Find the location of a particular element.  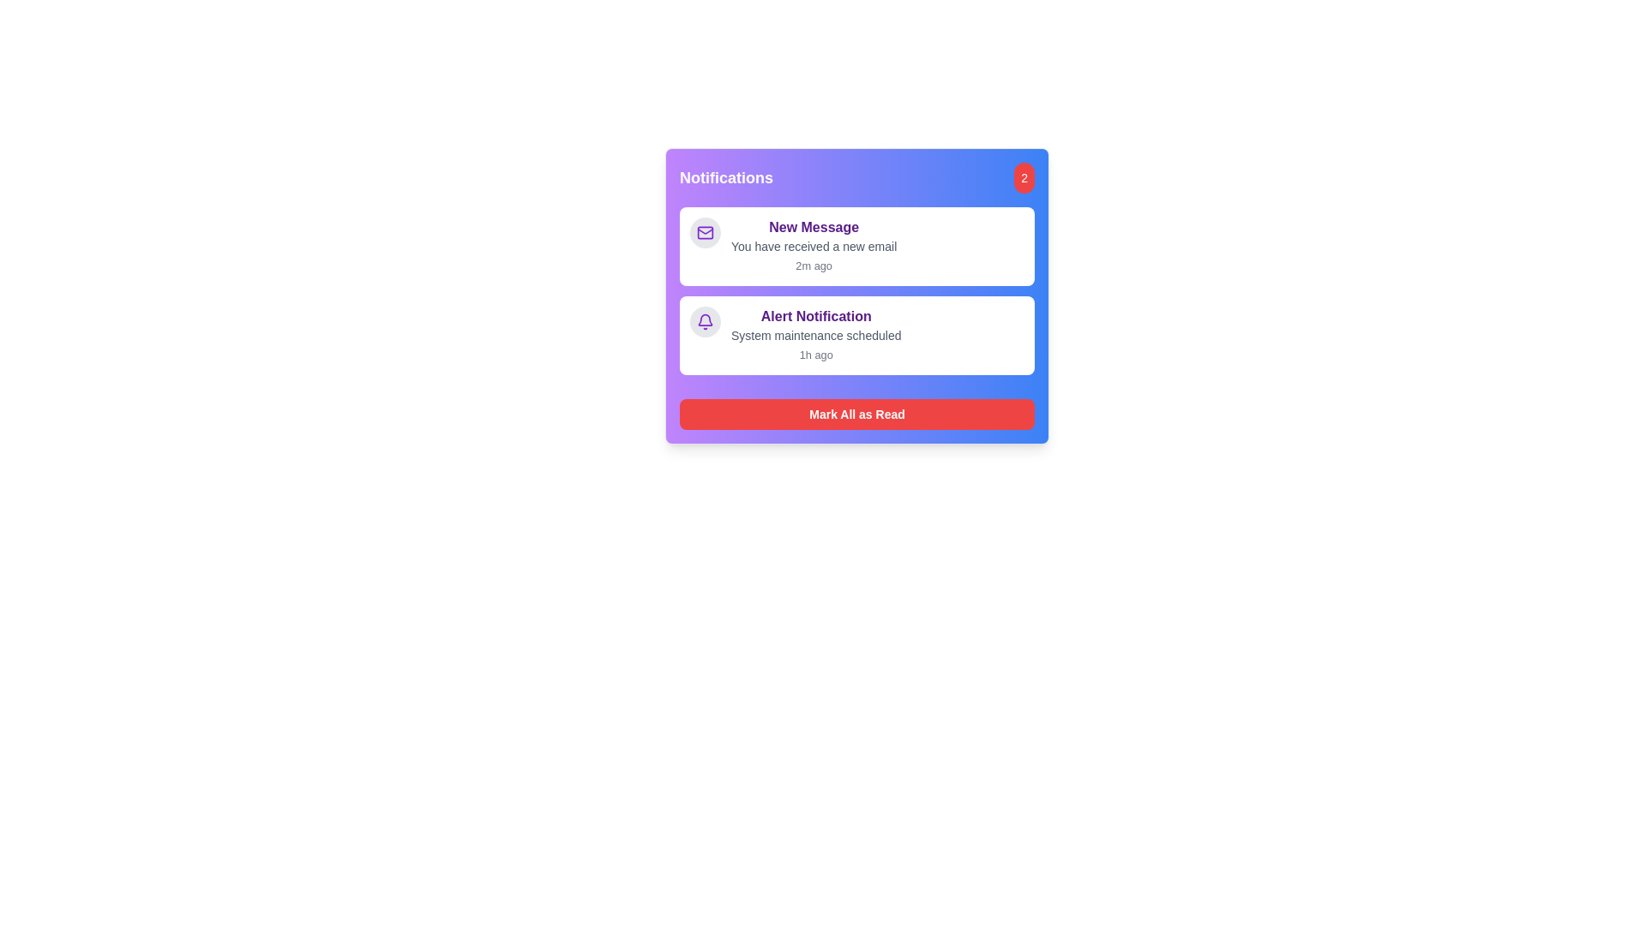

the 'Alert Notification' text label which is prominently displayed in purple bold font and located within the notification card, above the 'Mark All as Read' button is located at coordinates (815, 317).